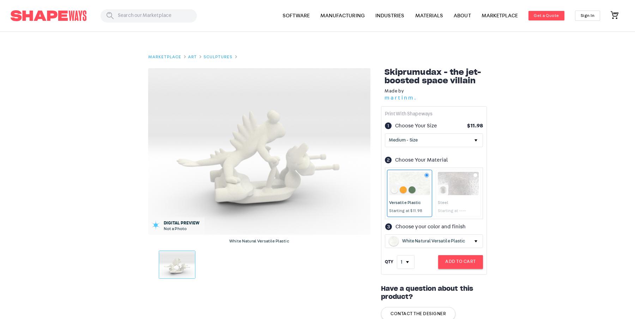  Describe the element at coordinates (416, 125) in the screenshot. I see `'Choose Your Size'` at that location.